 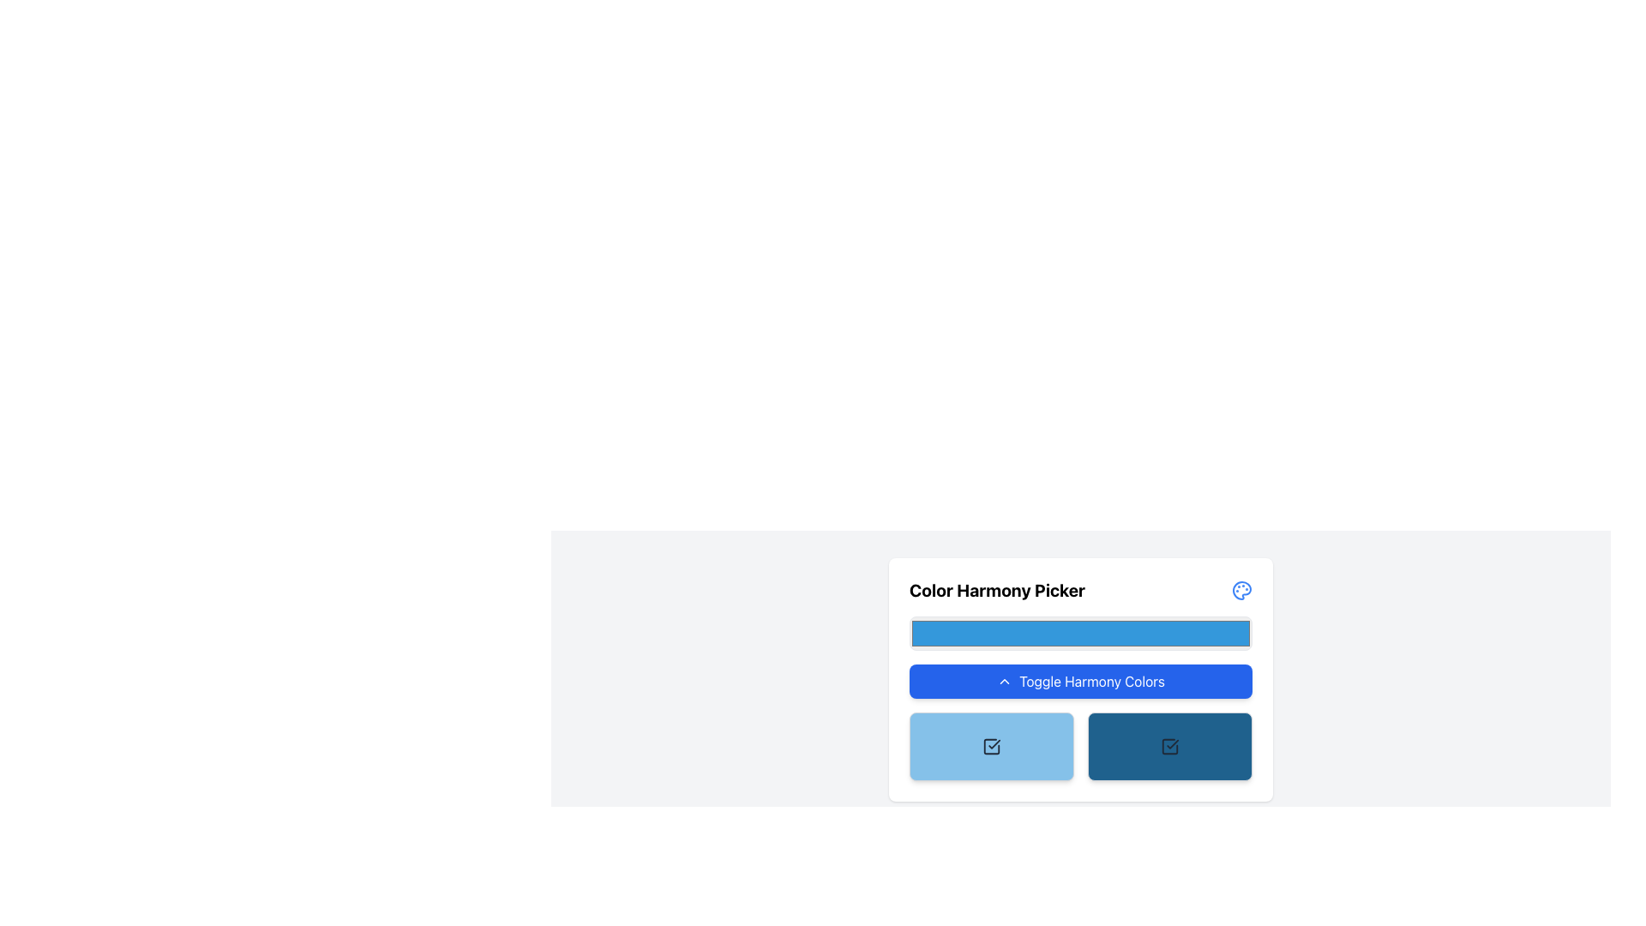 I want to click on the interactive button in the 'Color Harmony Picker' section, so click(x=1080, y=680).